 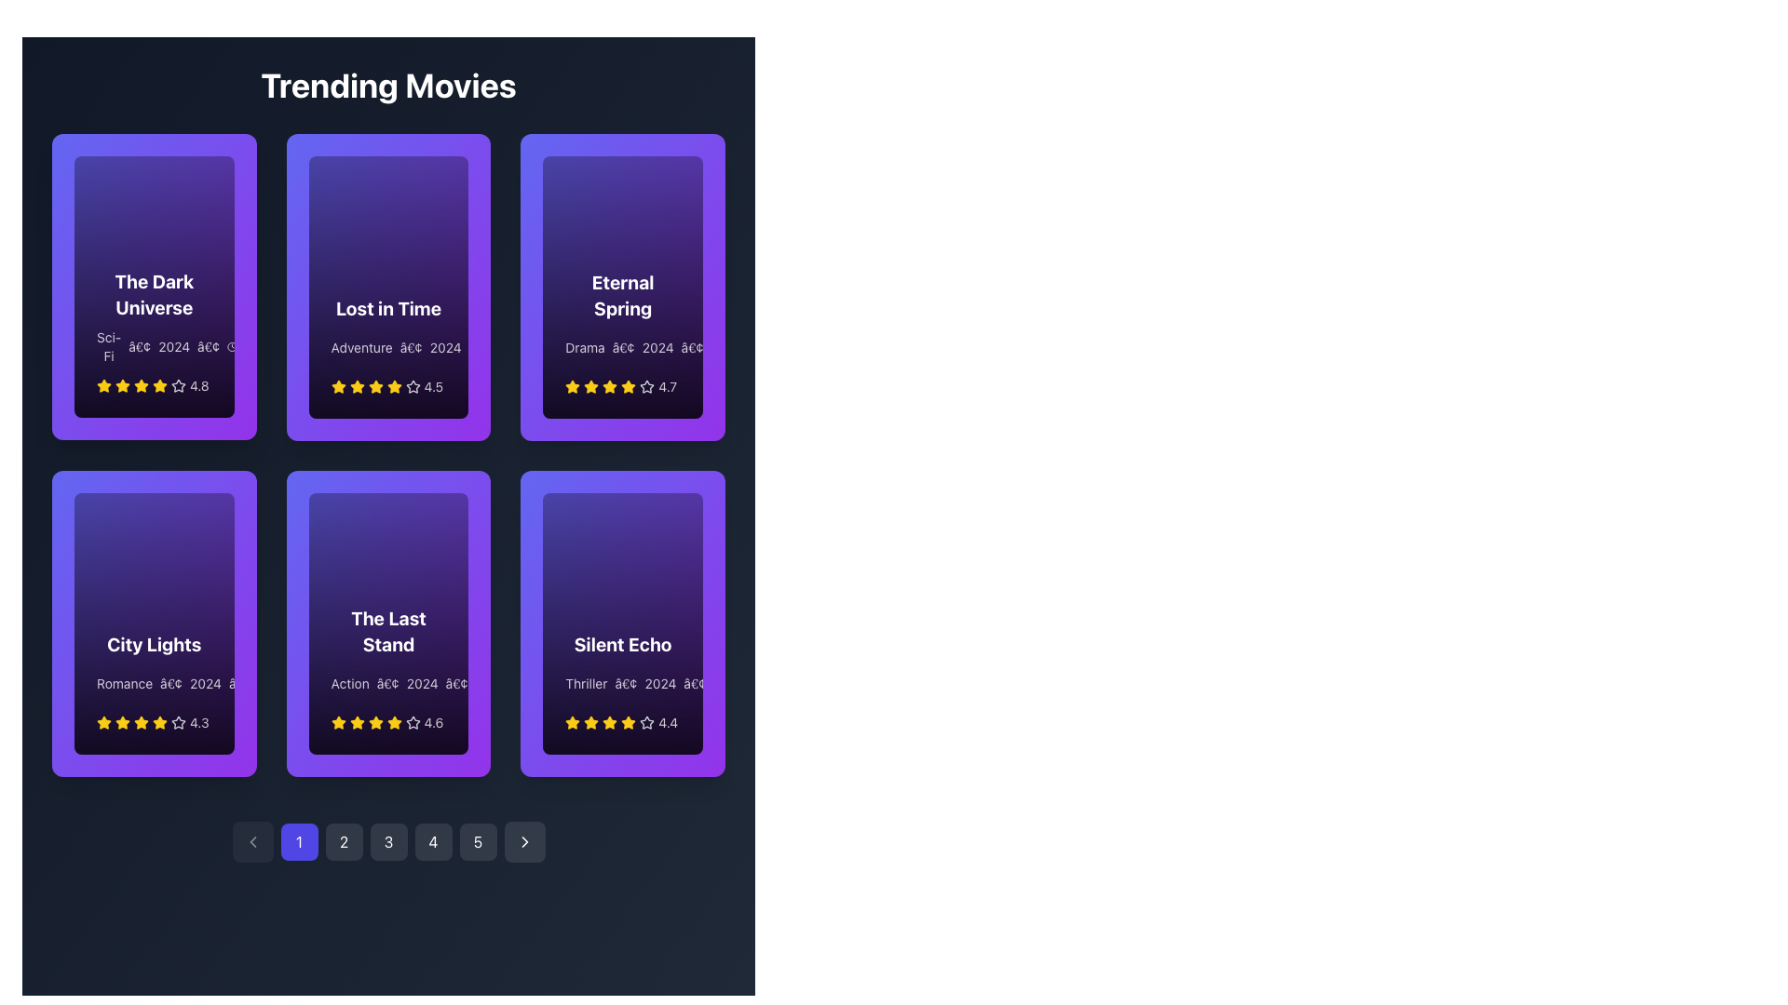 I want to click on the text label displaying the average rating for the movie 'Lost in Time', located in the third row and third column of the movie card grid layout, so click(x=432, y=385).